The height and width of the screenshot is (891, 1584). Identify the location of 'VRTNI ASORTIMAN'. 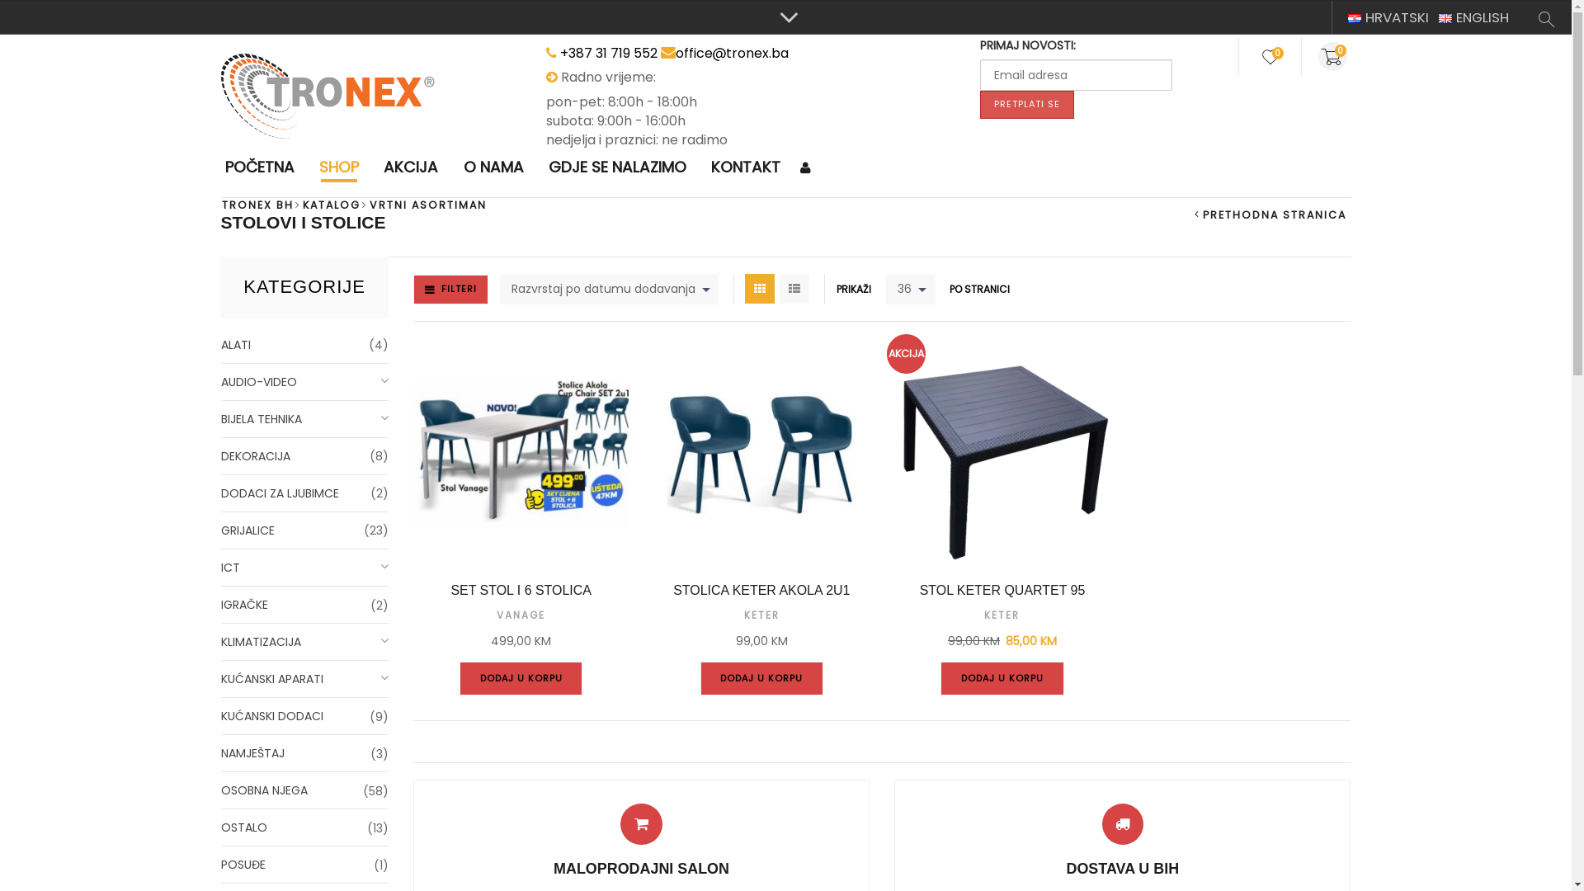
(427, 204).